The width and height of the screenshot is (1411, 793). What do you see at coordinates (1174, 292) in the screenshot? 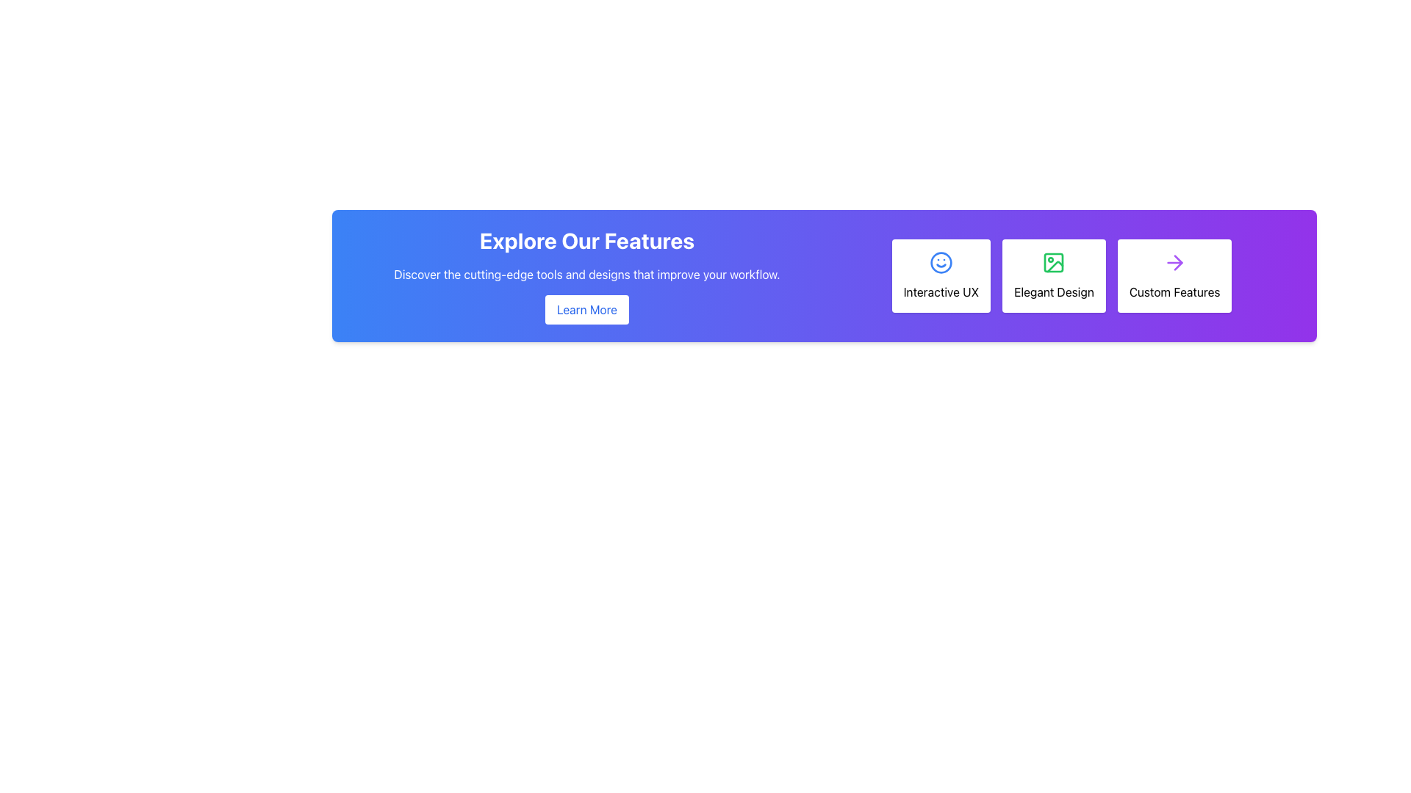
I see `text 'Custom Features' located below the right-pointing arrow icon within a white box on a gradient purple background` at bounding box center [1174, 292].